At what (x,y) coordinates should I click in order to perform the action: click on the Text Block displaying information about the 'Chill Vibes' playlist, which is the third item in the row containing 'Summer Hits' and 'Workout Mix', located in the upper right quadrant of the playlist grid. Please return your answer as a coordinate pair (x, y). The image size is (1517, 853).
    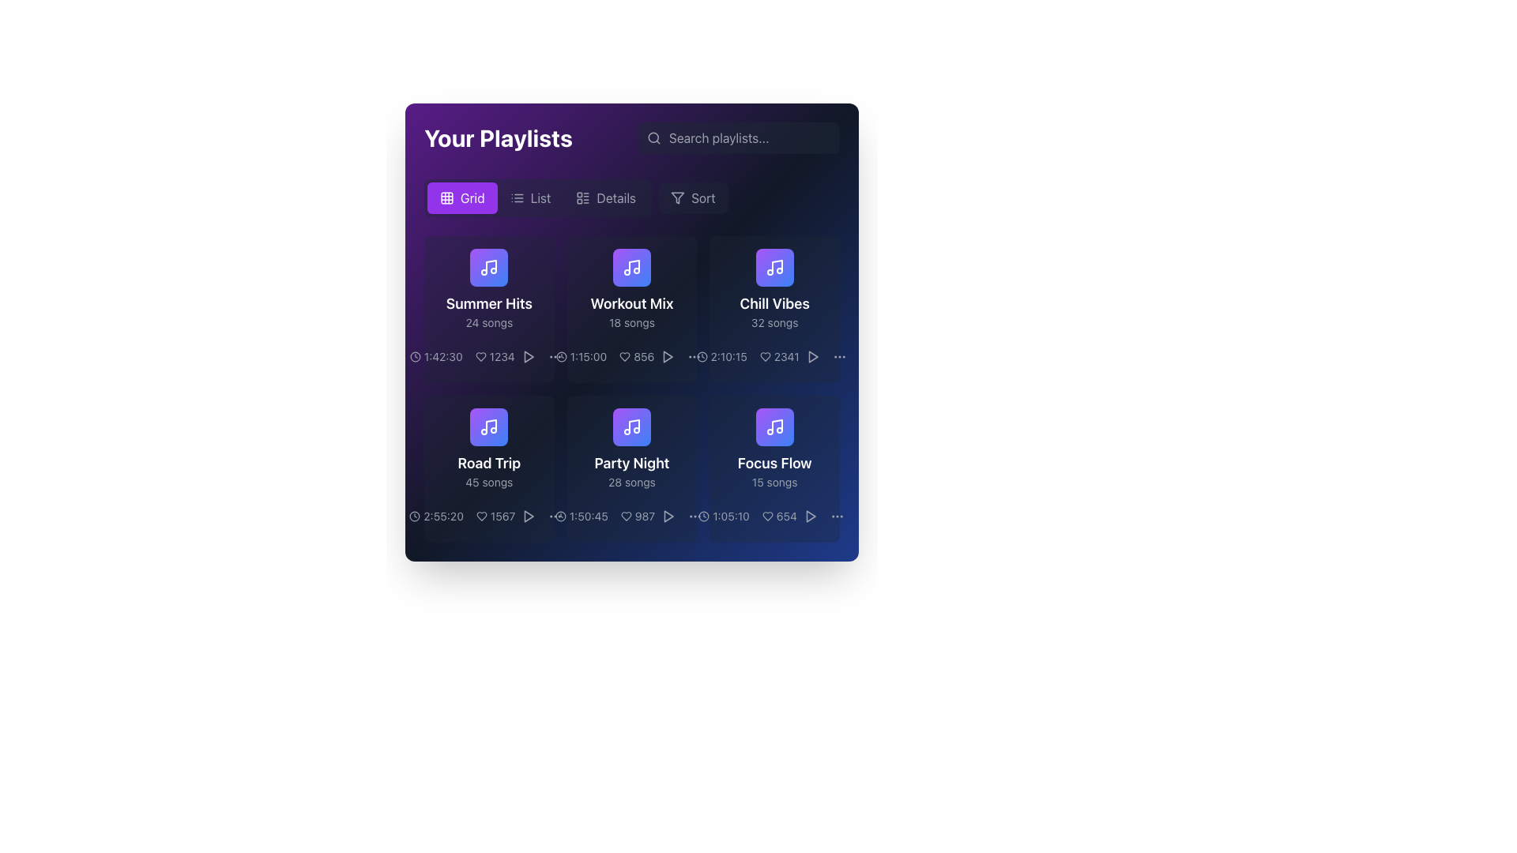
    Looking at the image, I should click on (774, 311).